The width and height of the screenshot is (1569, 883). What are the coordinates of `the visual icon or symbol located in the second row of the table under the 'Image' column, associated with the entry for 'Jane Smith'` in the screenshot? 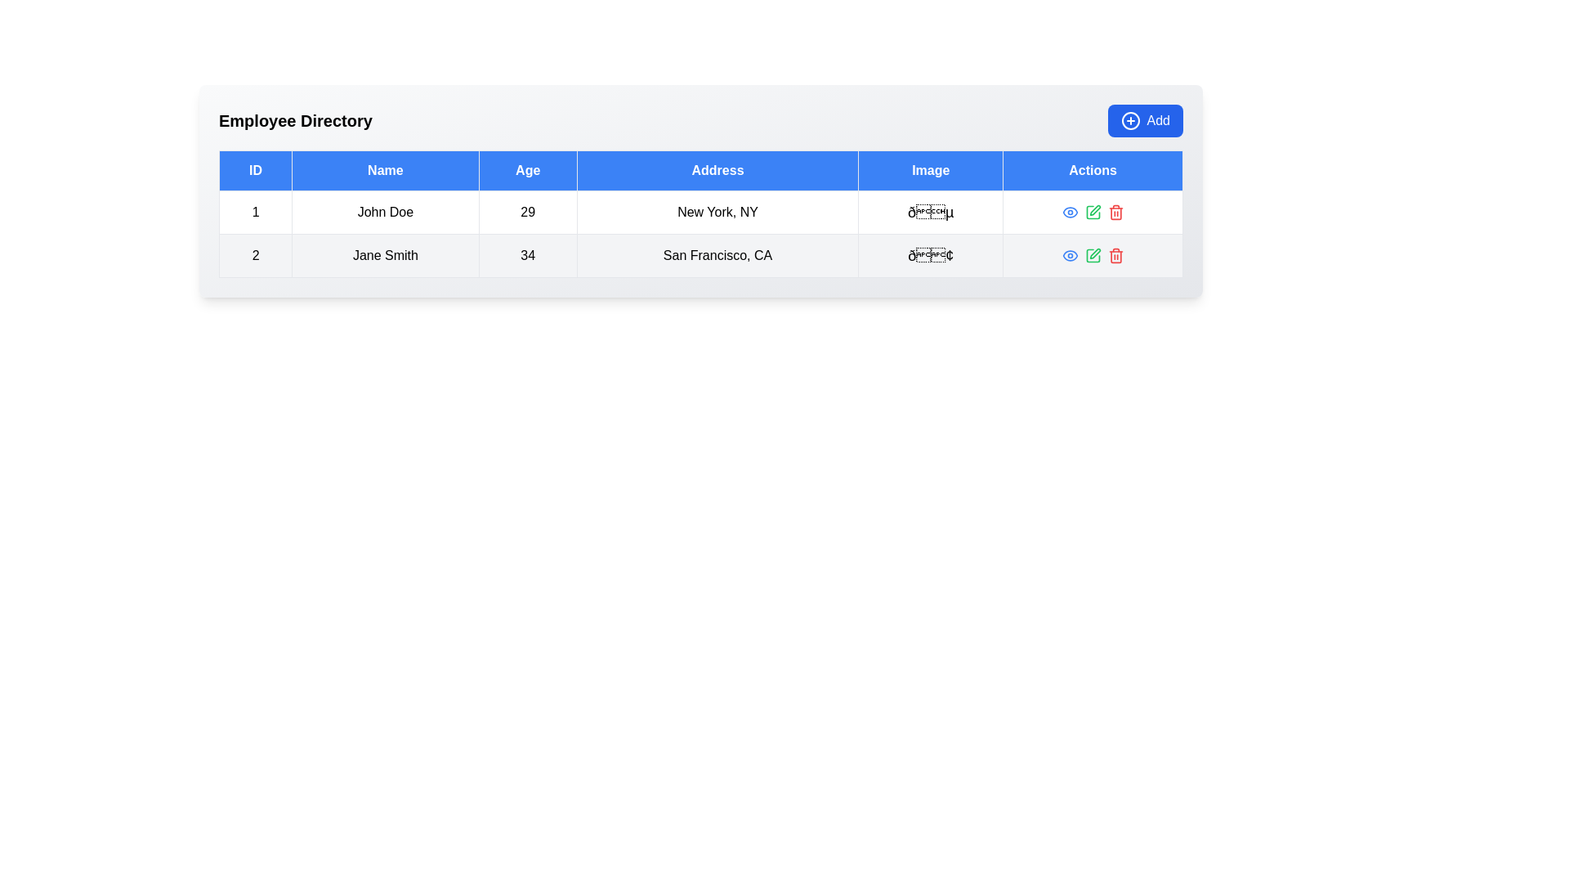 It's located at (931, 255).